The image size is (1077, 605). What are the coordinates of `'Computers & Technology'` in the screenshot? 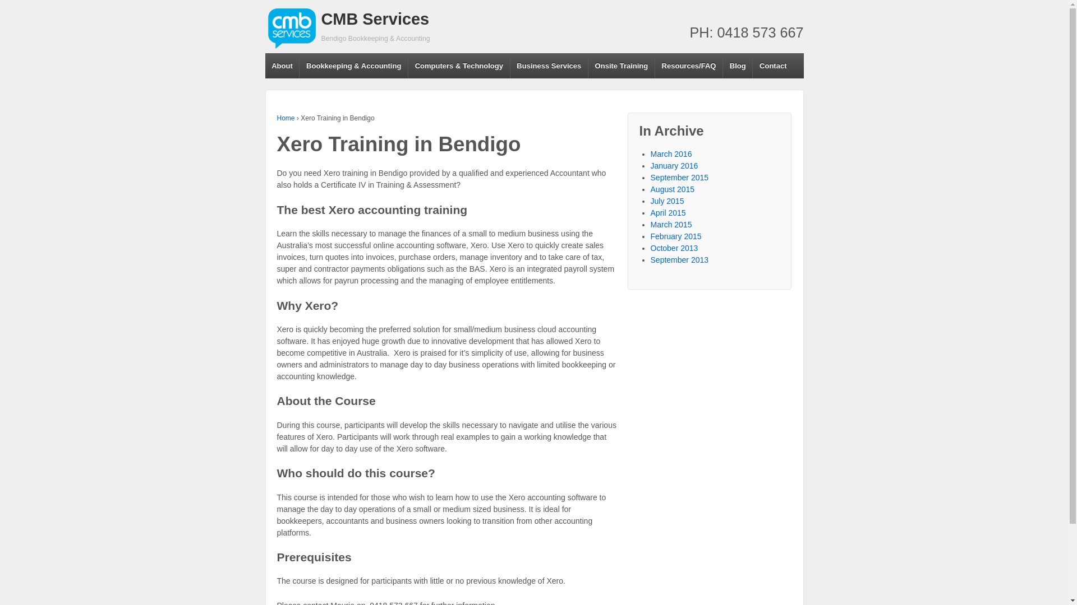 It's located at (407, 66).